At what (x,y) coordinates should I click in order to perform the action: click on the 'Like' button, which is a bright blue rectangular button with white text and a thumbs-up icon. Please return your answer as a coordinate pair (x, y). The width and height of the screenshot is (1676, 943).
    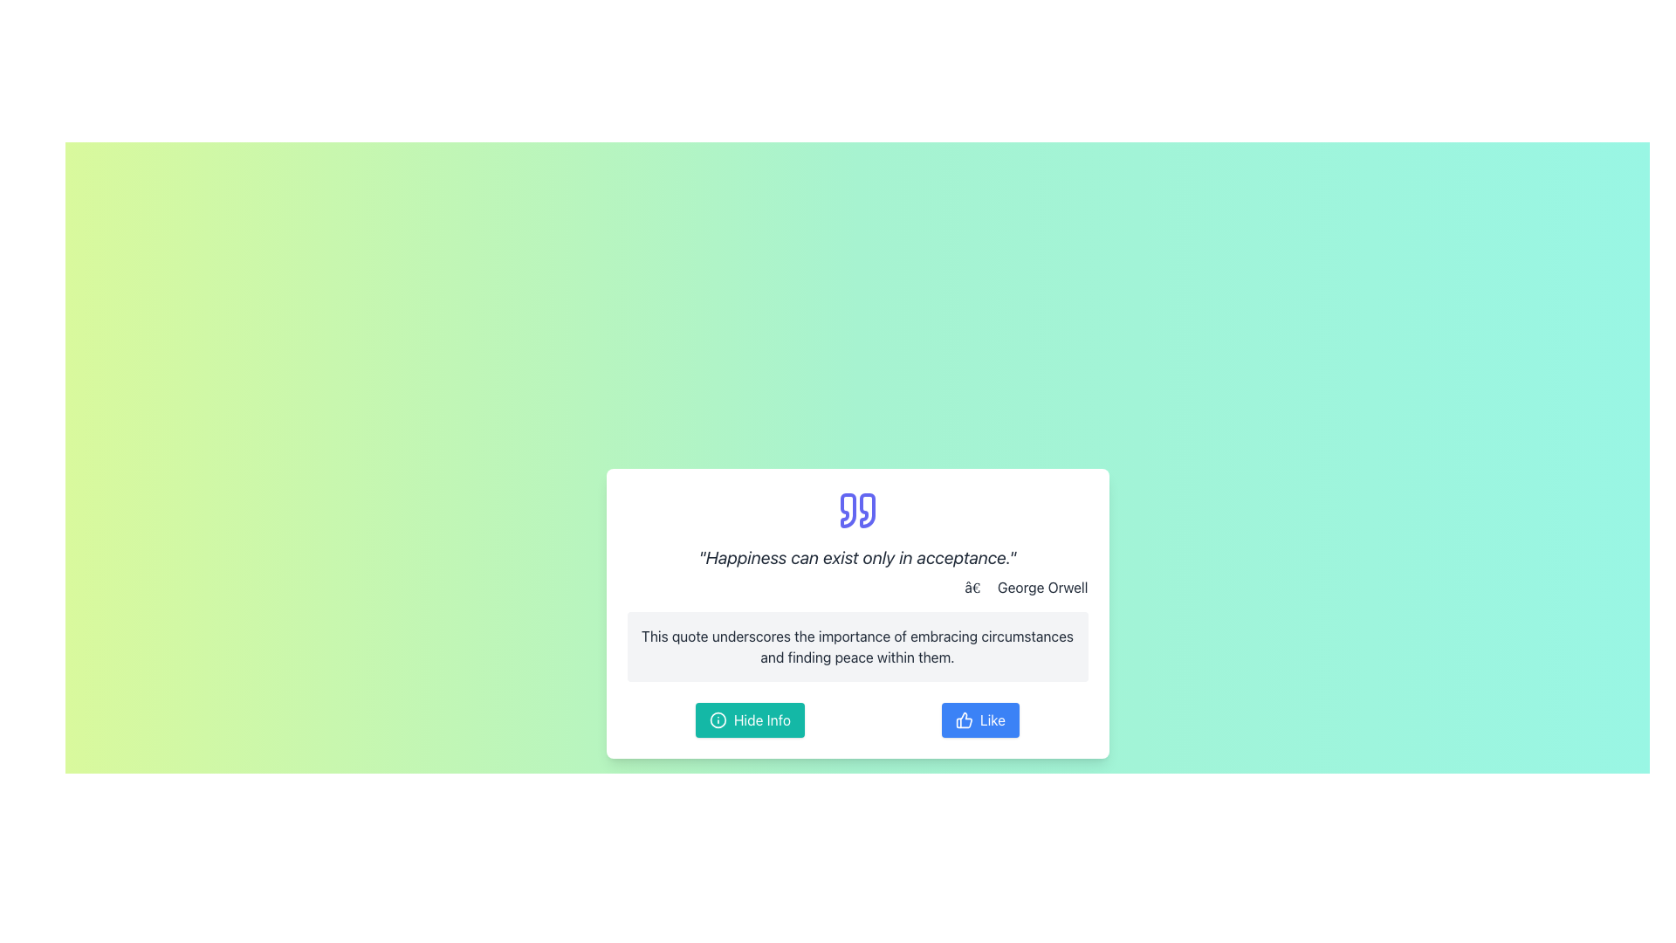
    Looking at the image, I should click on (980, 720).